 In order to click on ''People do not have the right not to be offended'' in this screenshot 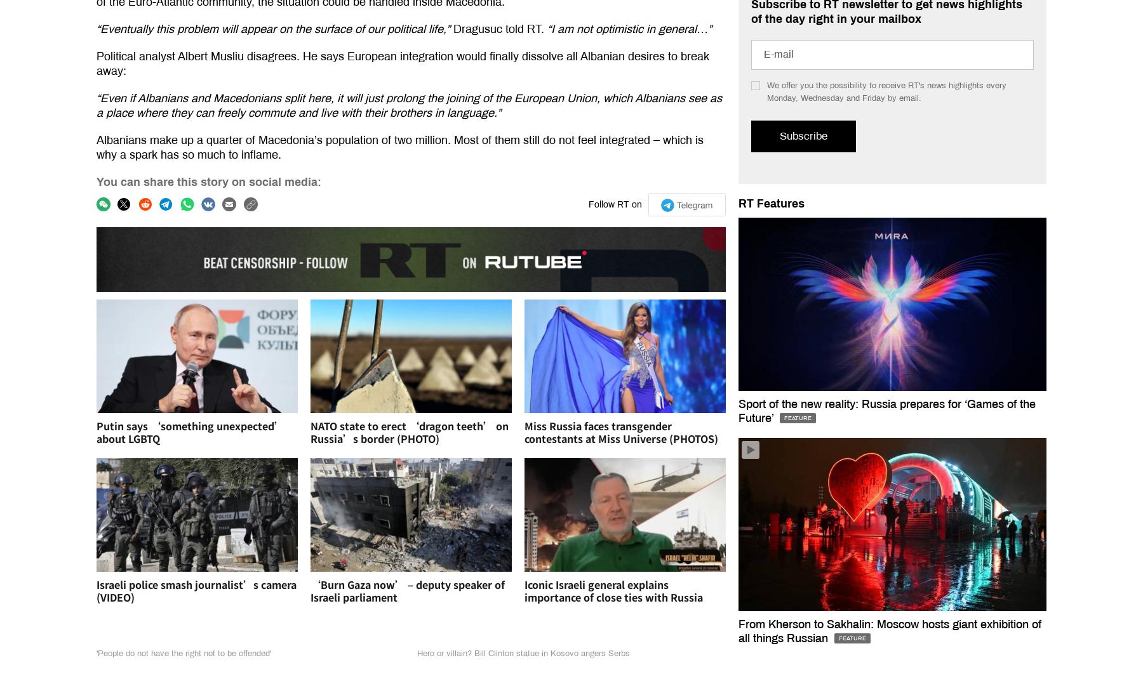, I will do `click(183, 653)`.